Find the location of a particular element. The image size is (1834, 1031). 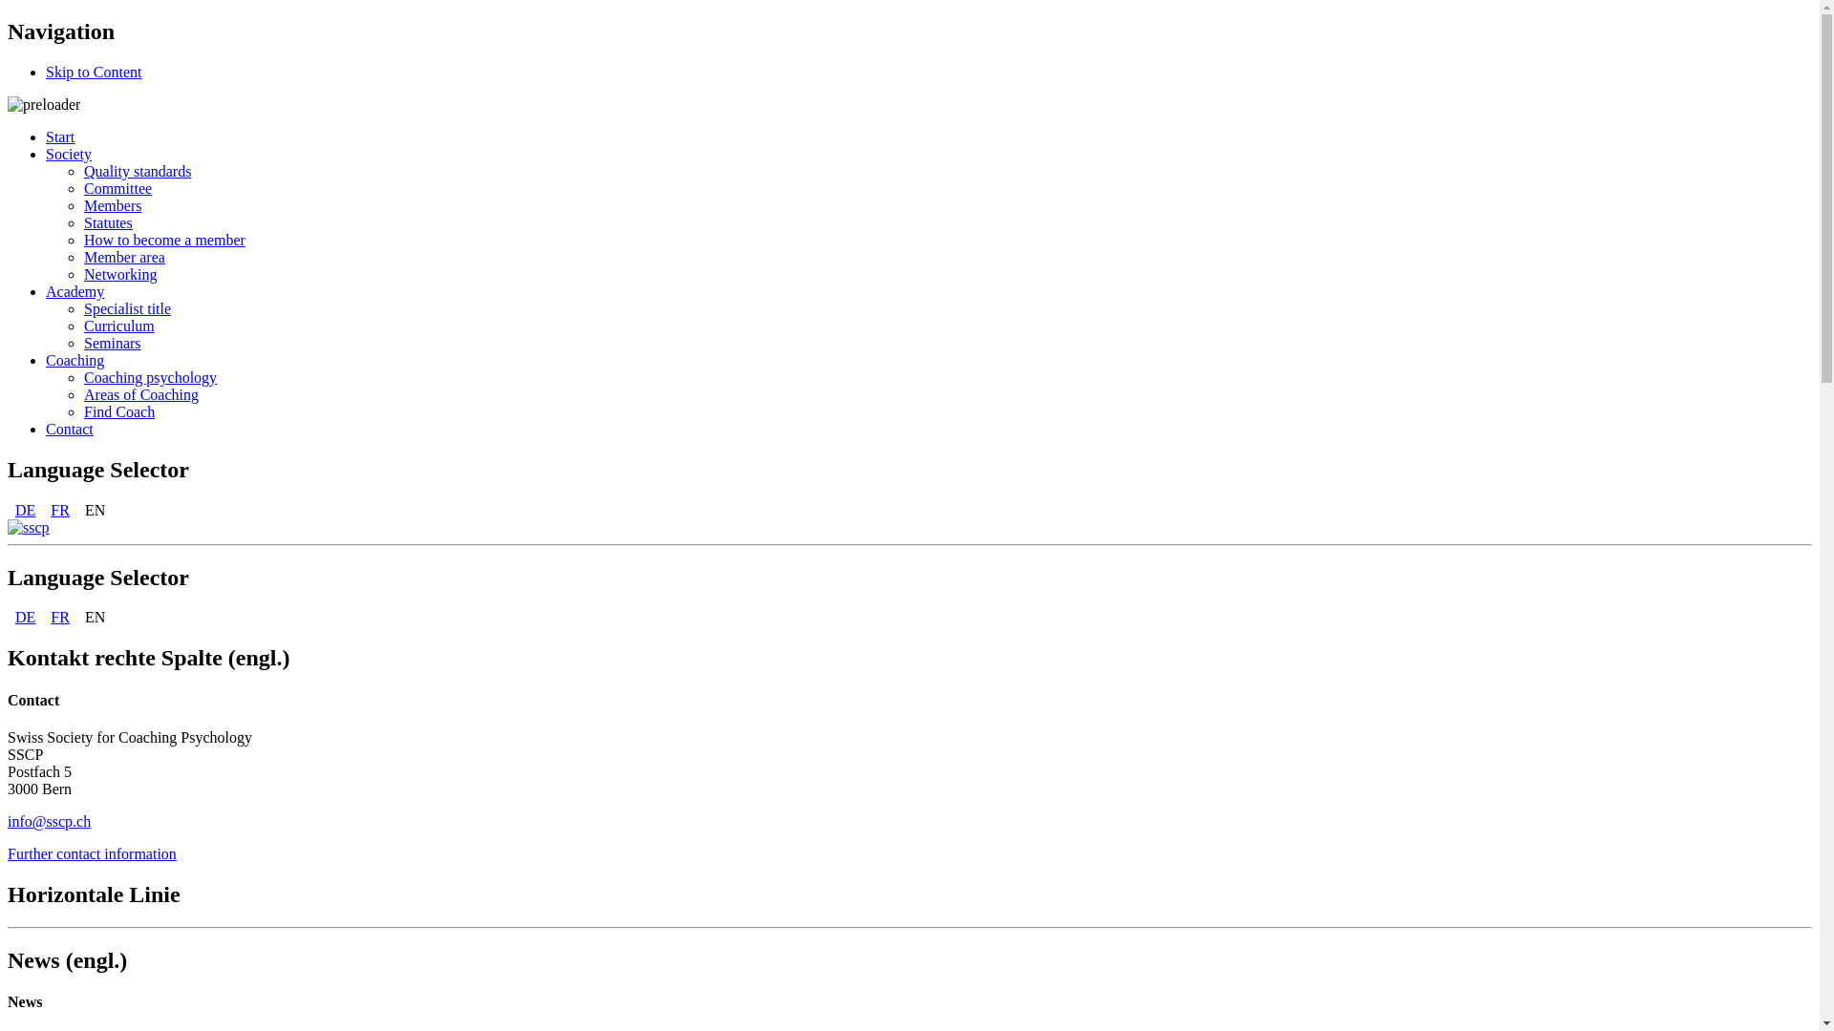

'Start' is located at coordinates (59, 136).